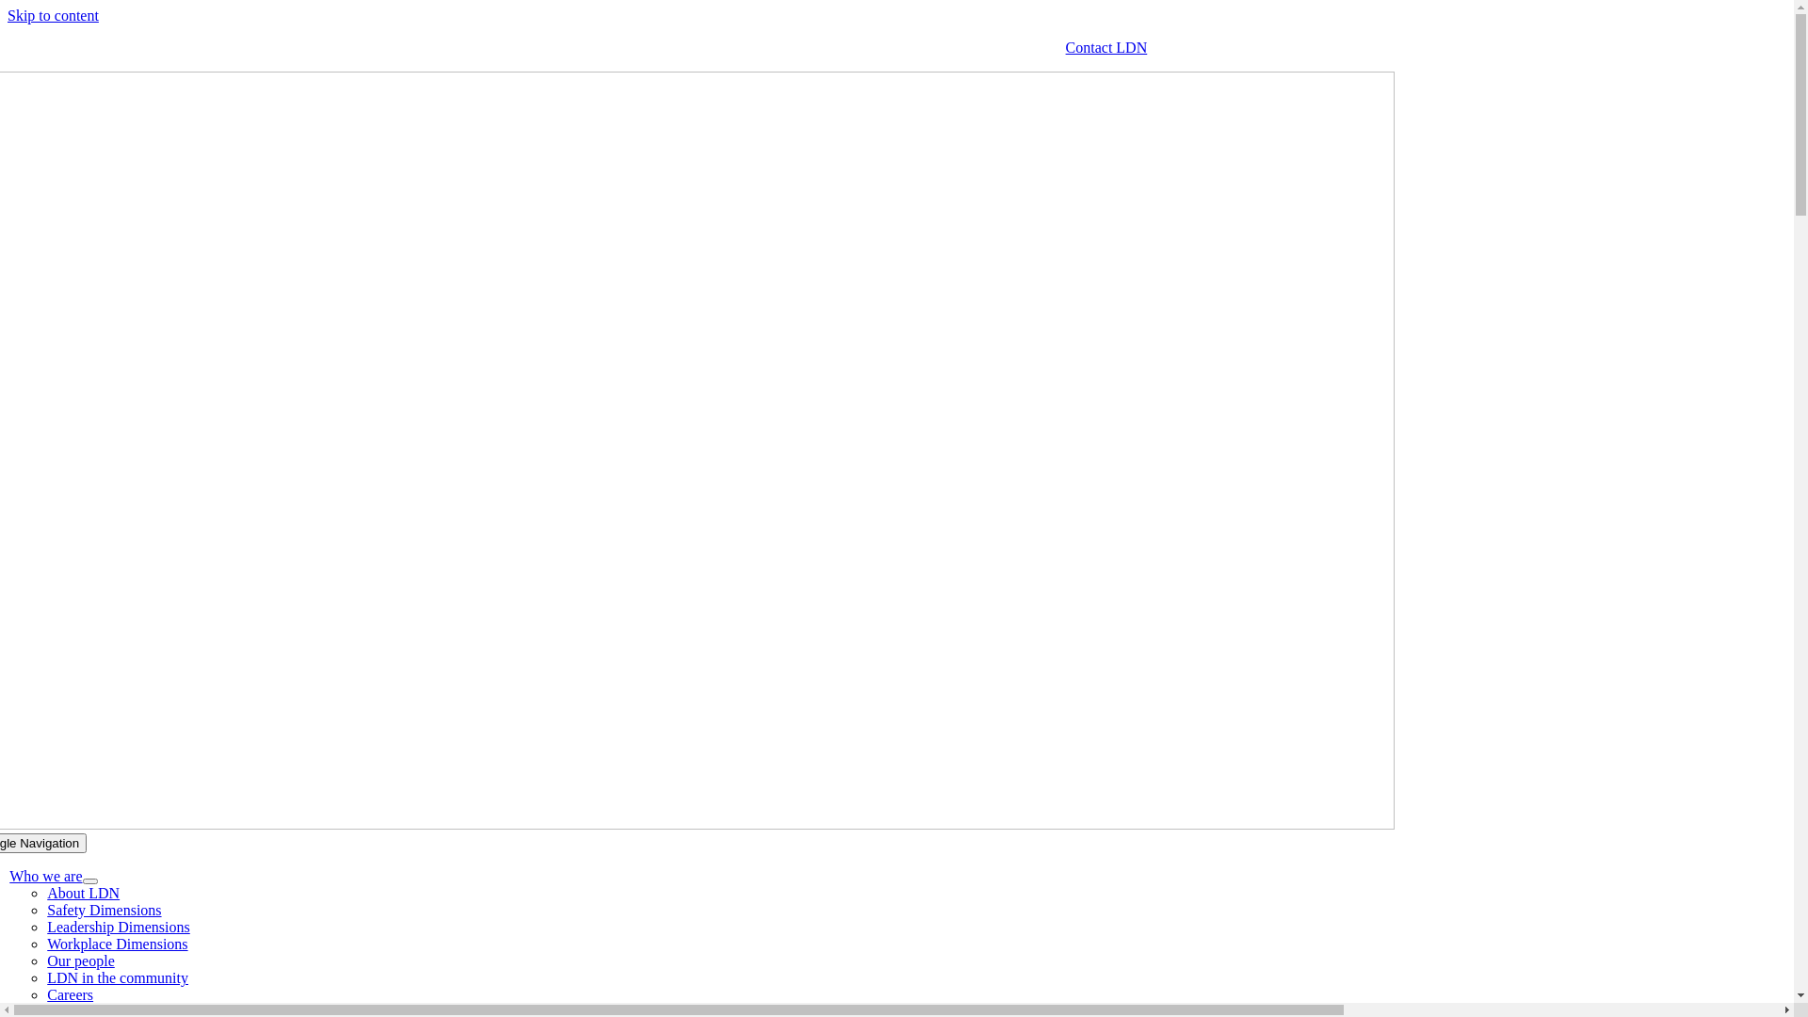  What do you see at coordinates (82, 892) in the screenshot?
I see `'About LDN'` at bounding box center [82, 892].